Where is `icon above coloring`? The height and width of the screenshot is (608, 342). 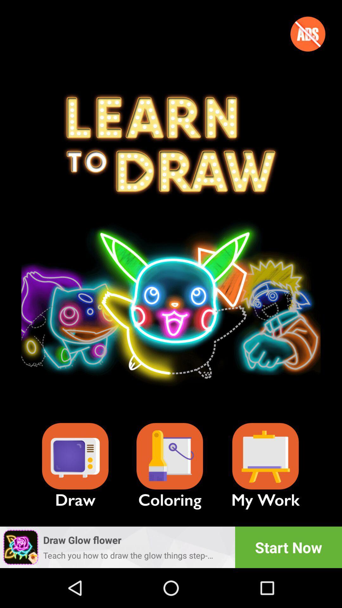 icon above coloring is located at coordinates (169, 456).